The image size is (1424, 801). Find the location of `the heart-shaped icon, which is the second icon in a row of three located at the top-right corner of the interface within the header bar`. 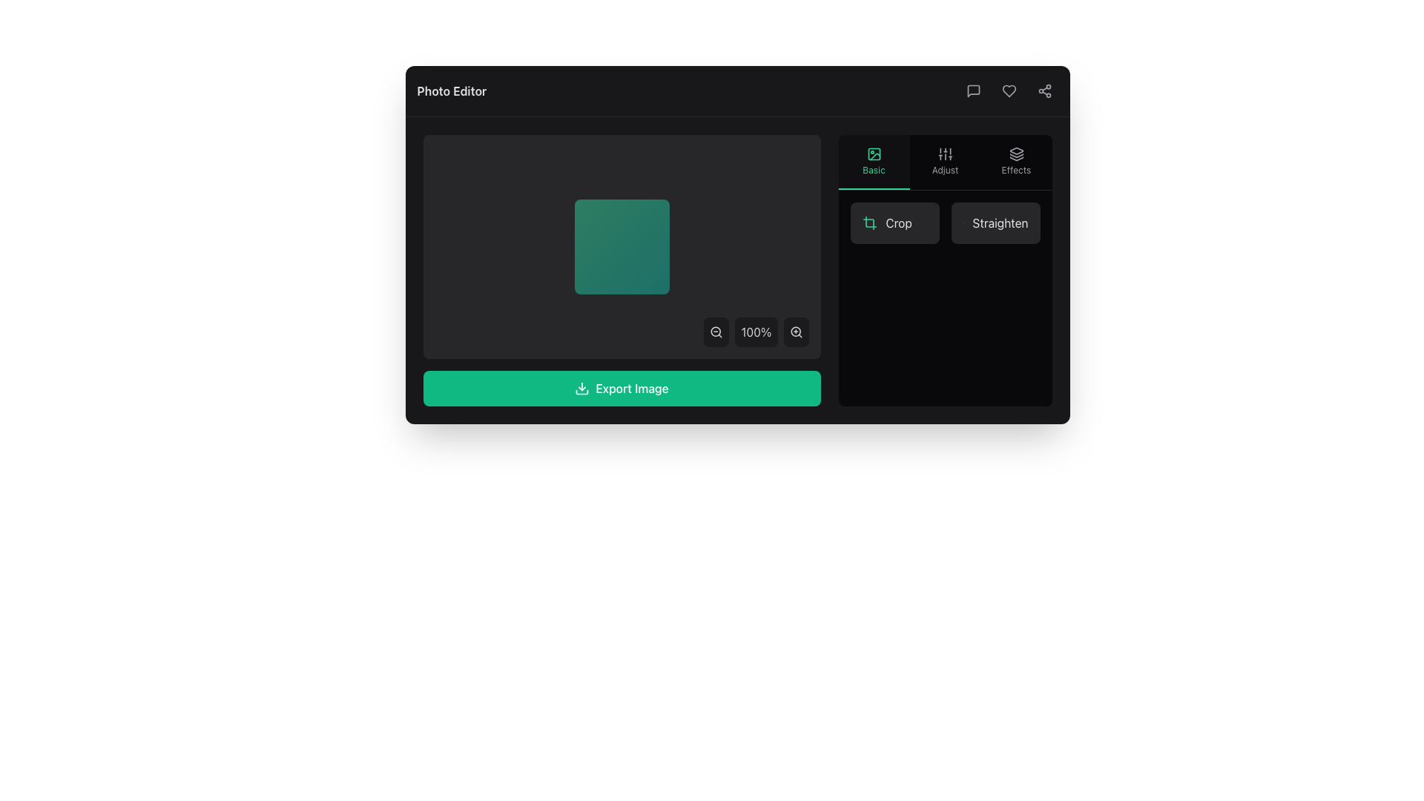

the heart-shaped icon, which is the second icon in a row of three located at the top-right corner of the interface within the header bar is located at coordinates (1009, 91).